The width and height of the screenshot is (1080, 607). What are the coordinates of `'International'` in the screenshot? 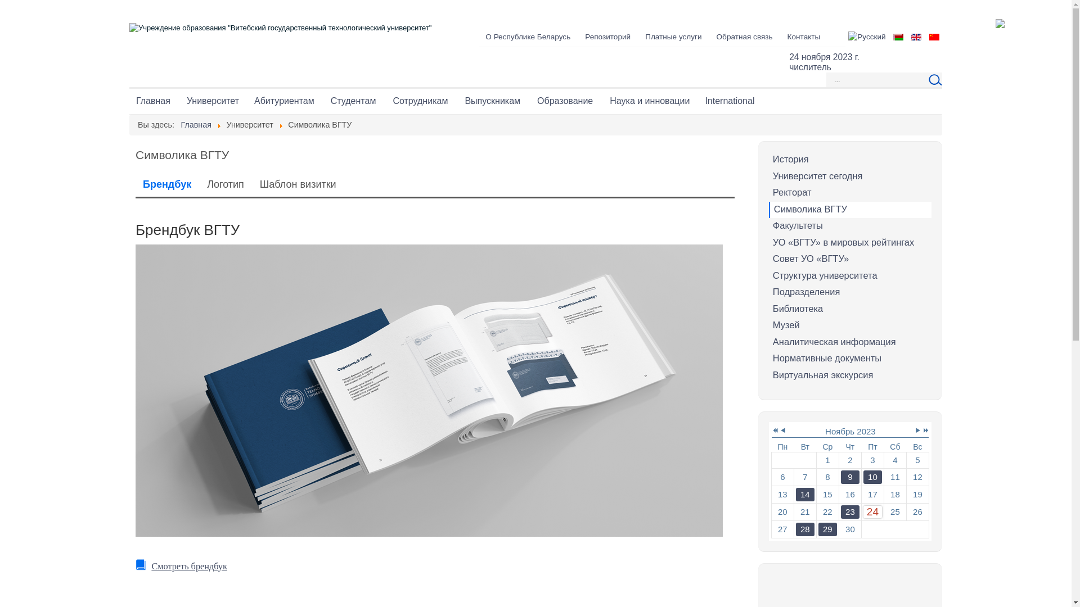 It's located at (729, 101).